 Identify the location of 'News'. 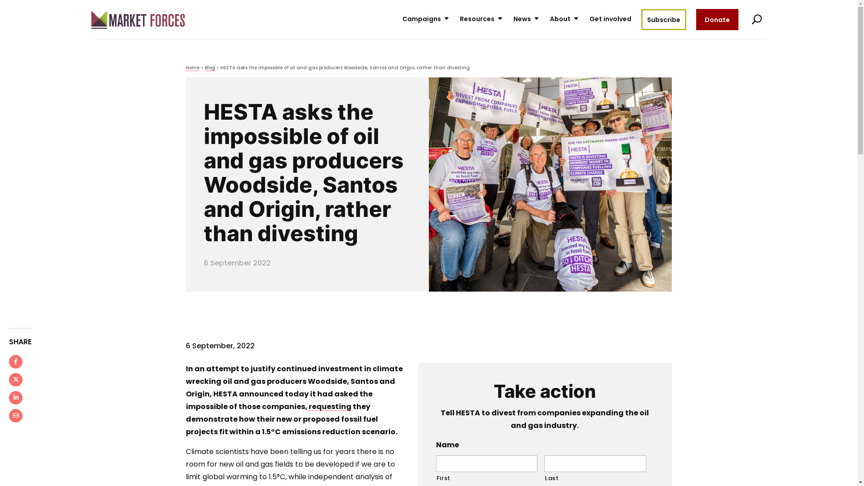
(526, 19).